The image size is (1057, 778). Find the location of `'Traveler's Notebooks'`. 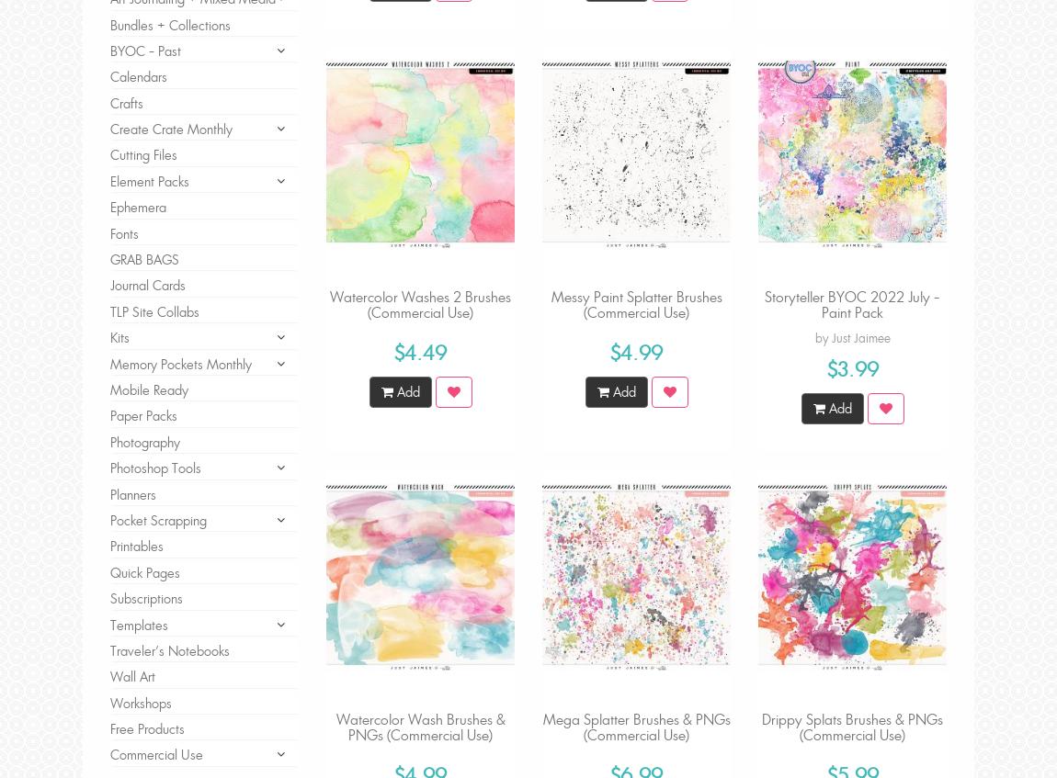

'Traveler's Notebooks' is located at coordinates (169, 649).